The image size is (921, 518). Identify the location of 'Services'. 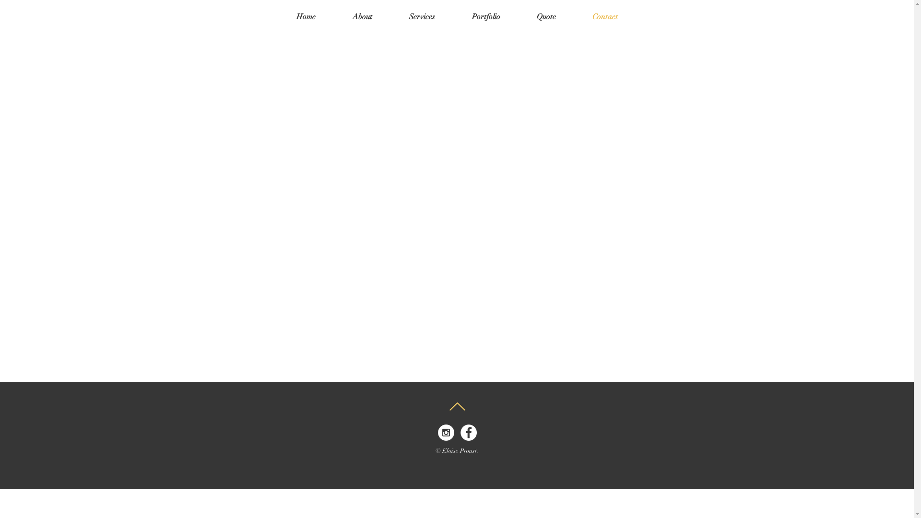
(422, 16).